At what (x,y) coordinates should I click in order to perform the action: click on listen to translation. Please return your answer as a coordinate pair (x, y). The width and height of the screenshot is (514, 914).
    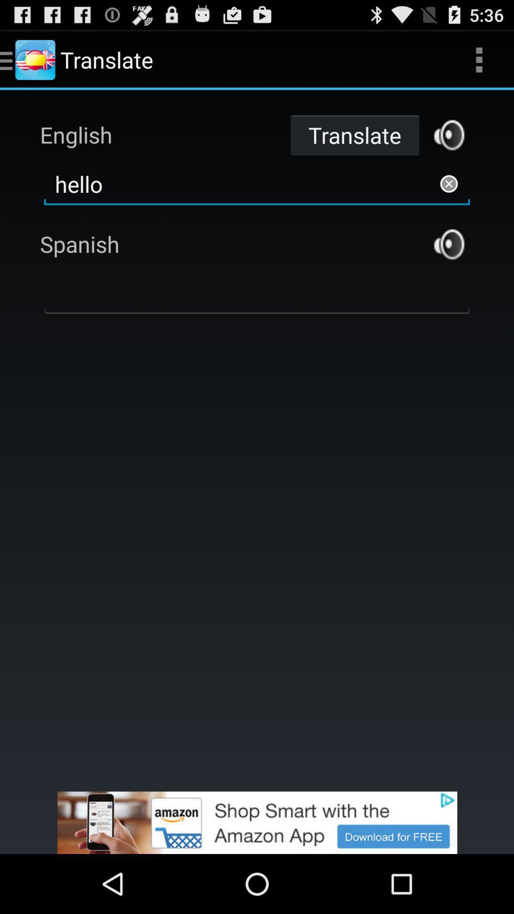
    Looking at the image, I should click on (449, 244).